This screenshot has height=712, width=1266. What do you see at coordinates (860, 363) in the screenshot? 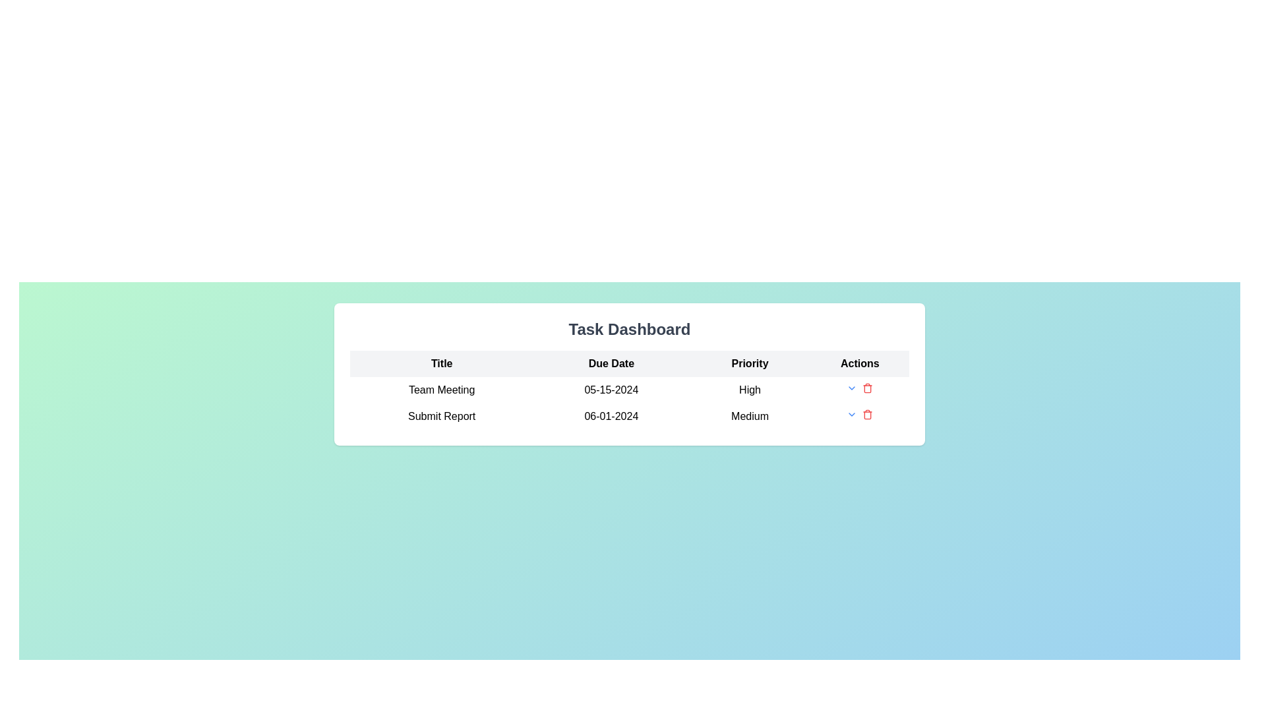
I see `the static text element serving as the header for the 'Actions' column, positioned to the far-right of the table, after the 'Priority' column header` at bounding box center [860, 363].